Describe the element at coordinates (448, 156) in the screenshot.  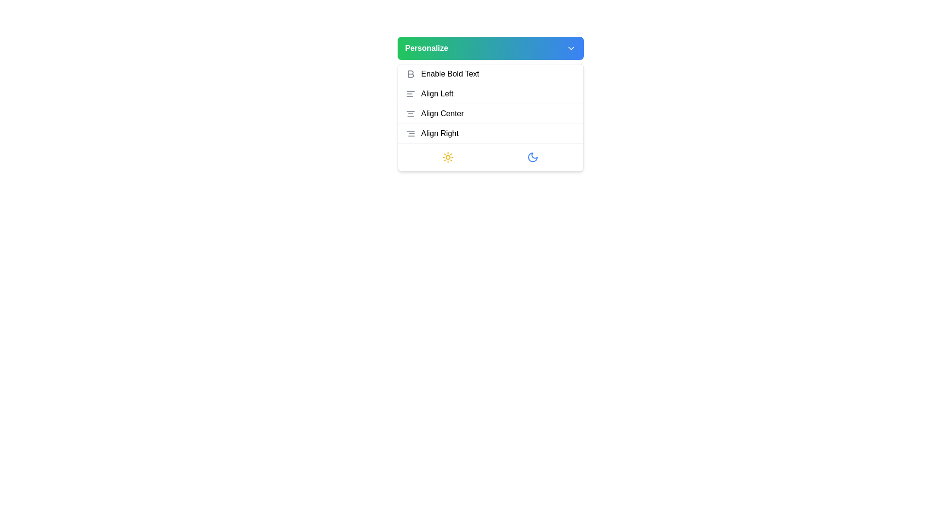
I see `the sun icon button located in the top-right section of the visible menu panel` at that location.